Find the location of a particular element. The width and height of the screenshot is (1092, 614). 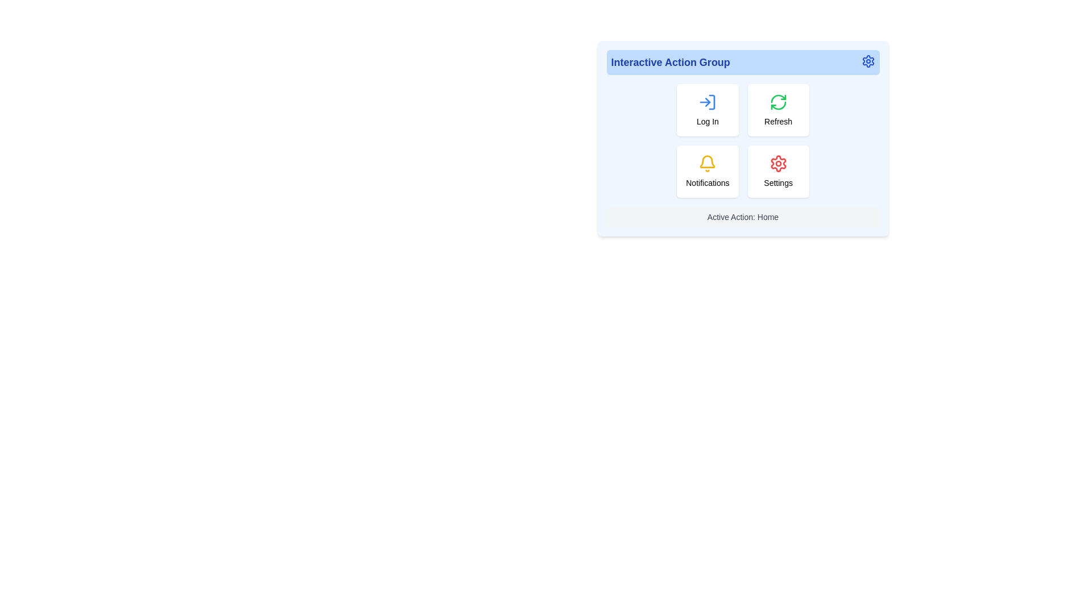

the refresh button located in the top-right position under the 'Interactive Action Group' heading to observe the hover effect is located at coordinates (777, 110).